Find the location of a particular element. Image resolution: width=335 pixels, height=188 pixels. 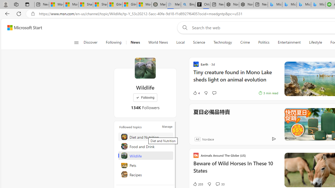

'Microsoft Bing Travel - Stays in Bangkok, Bangkok, Thailand' is located at coordinates (289, 4).